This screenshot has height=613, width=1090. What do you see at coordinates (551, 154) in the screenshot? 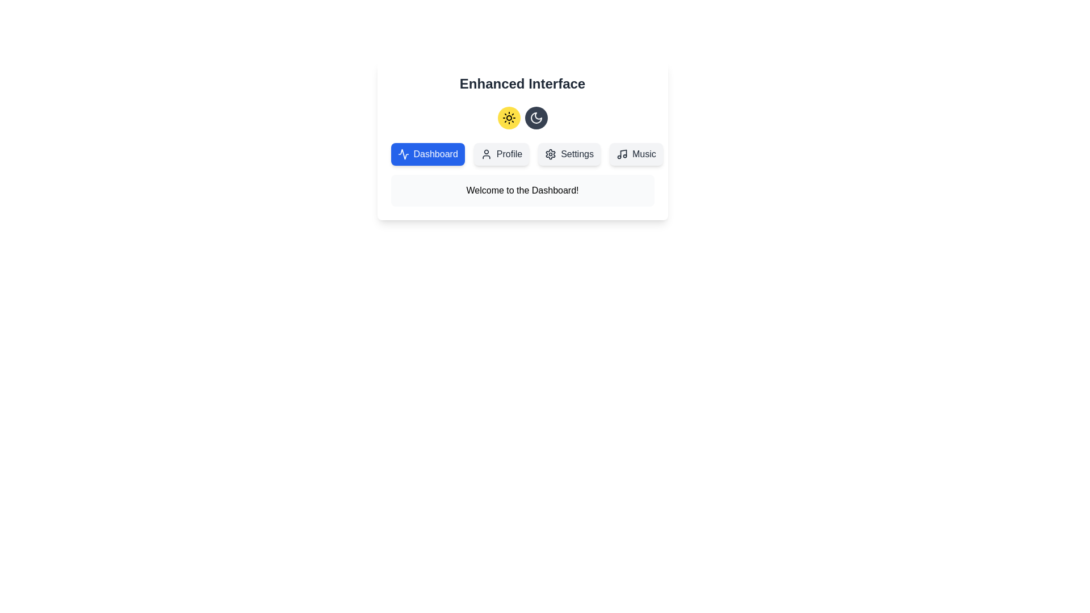
I see `the settings icon located on the left side of the 'Settings' button, which is among navigation options like 'Dashboard', 'Profile', and 'Music'` at bounding box center [551, 154].